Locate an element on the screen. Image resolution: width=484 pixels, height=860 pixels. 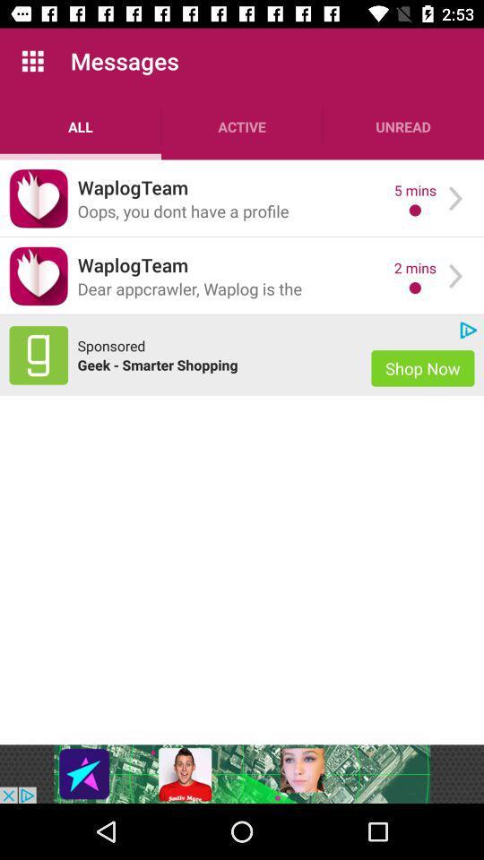
favorite is located at coordinates (39, 276).